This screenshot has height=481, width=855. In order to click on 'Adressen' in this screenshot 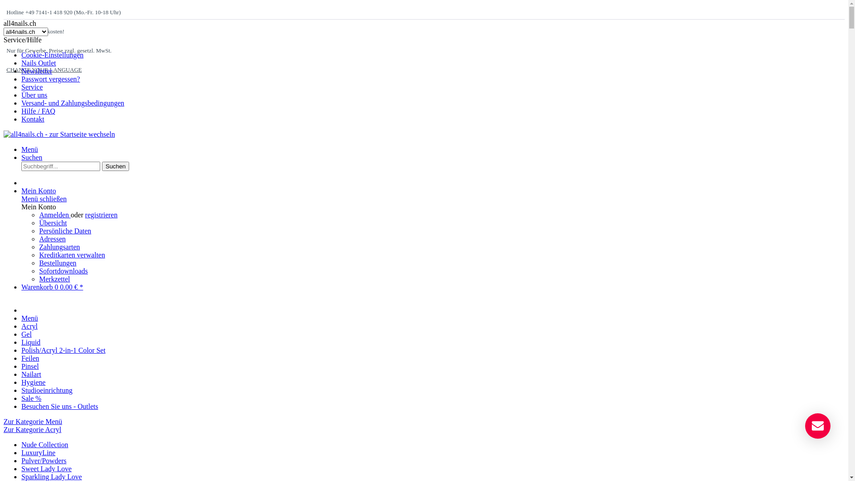, I will do `click(52, 238)`.